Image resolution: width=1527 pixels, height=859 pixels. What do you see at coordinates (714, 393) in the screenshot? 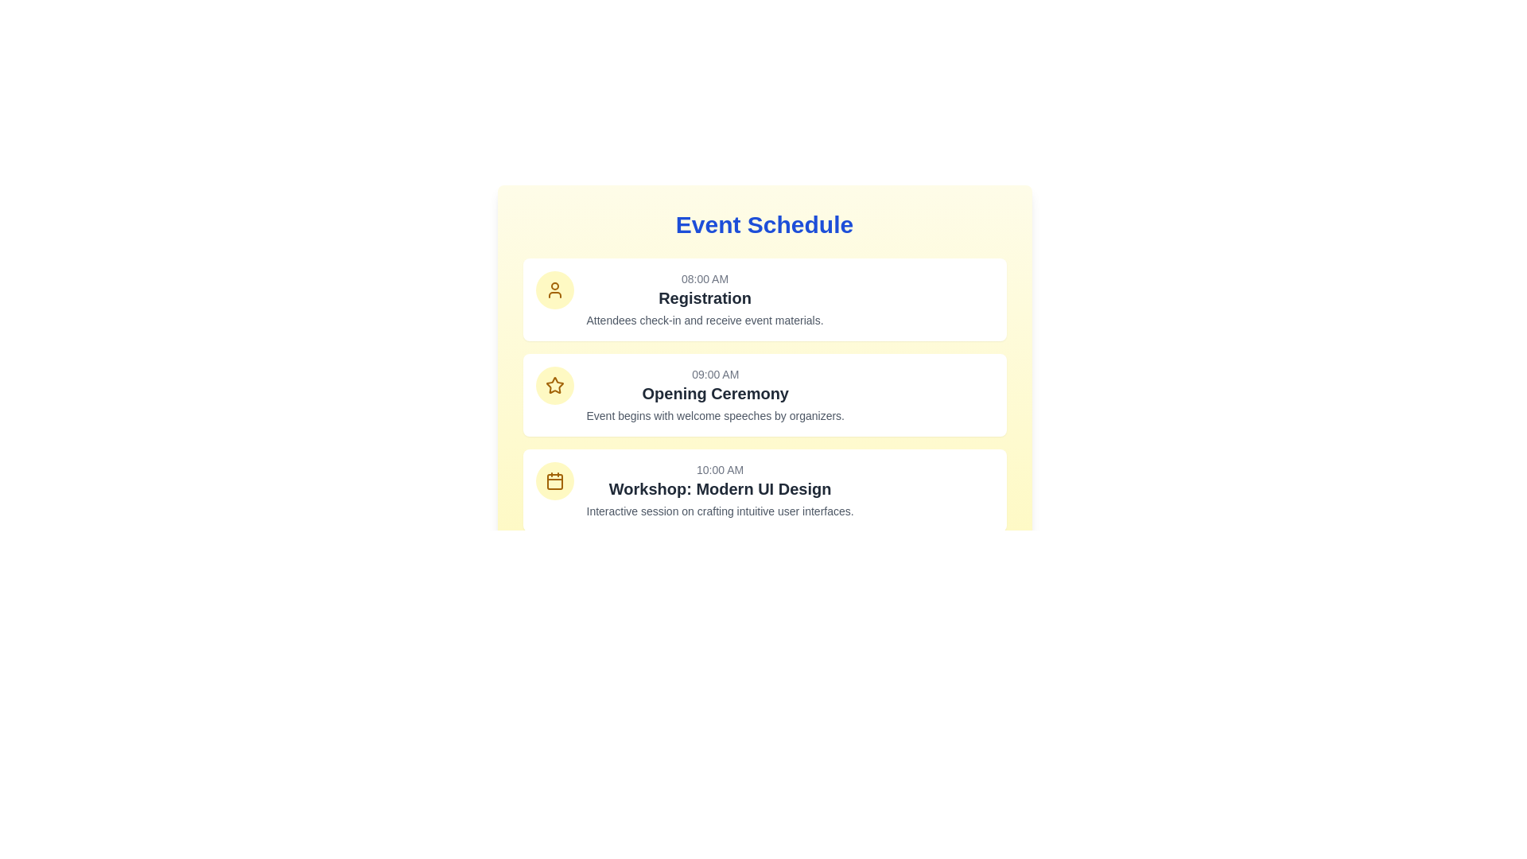
I see `the 'Opening Ceremony' text label, which is prominently displayed in a large, bold font in the second card of the event schedule` at bounding box center [714, 393].